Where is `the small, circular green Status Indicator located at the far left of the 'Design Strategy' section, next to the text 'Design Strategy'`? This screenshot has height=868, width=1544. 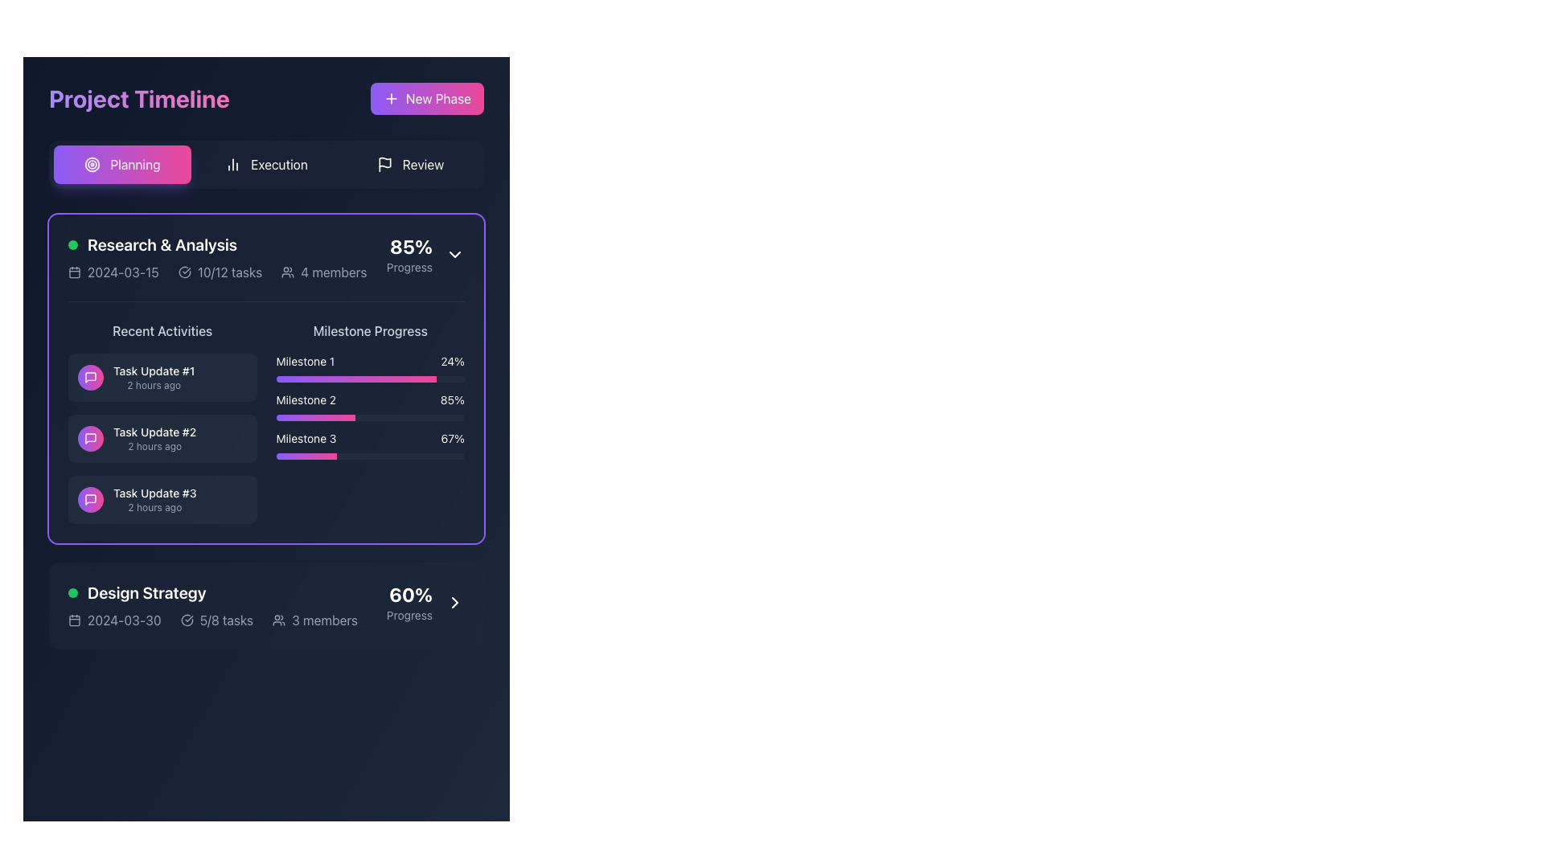 the small, circular green Status Indicator located at the far left of the 'Design Strategy' section, next to the text 'Design Strategy' is located at coordinates (72, 592).